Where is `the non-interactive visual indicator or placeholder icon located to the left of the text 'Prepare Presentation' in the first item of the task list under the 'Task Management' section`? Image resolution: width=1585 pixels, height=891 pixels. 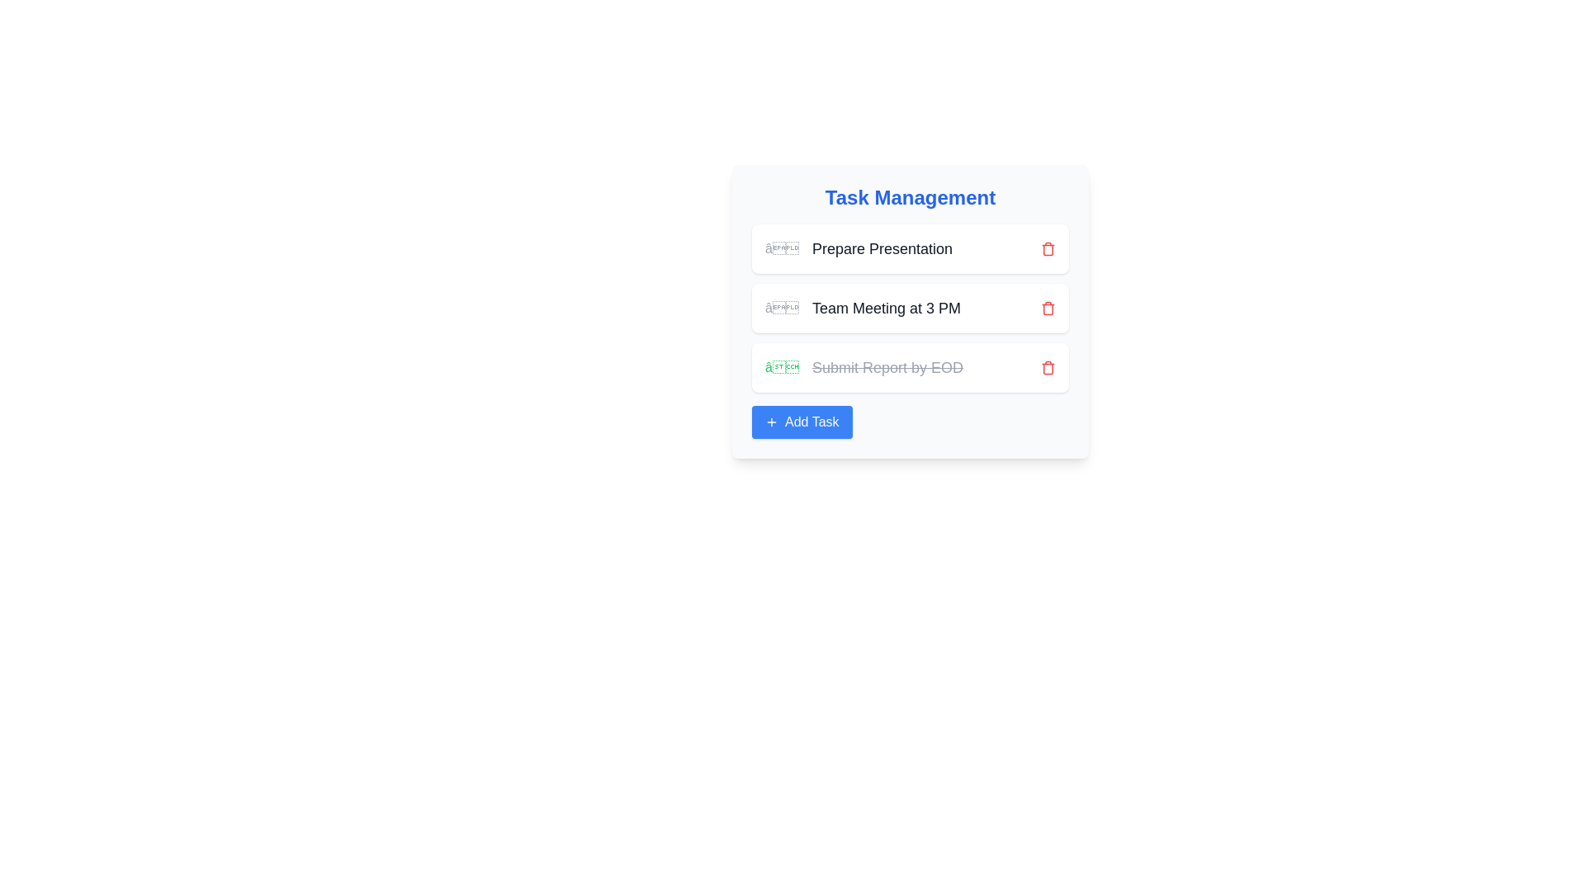
the non-interactive visual indicator or placeholder icon located to the left of the text 'Prepare Presentation' in the first item of the task list under the 'Task Management' section is located at coordinates (781, 308).